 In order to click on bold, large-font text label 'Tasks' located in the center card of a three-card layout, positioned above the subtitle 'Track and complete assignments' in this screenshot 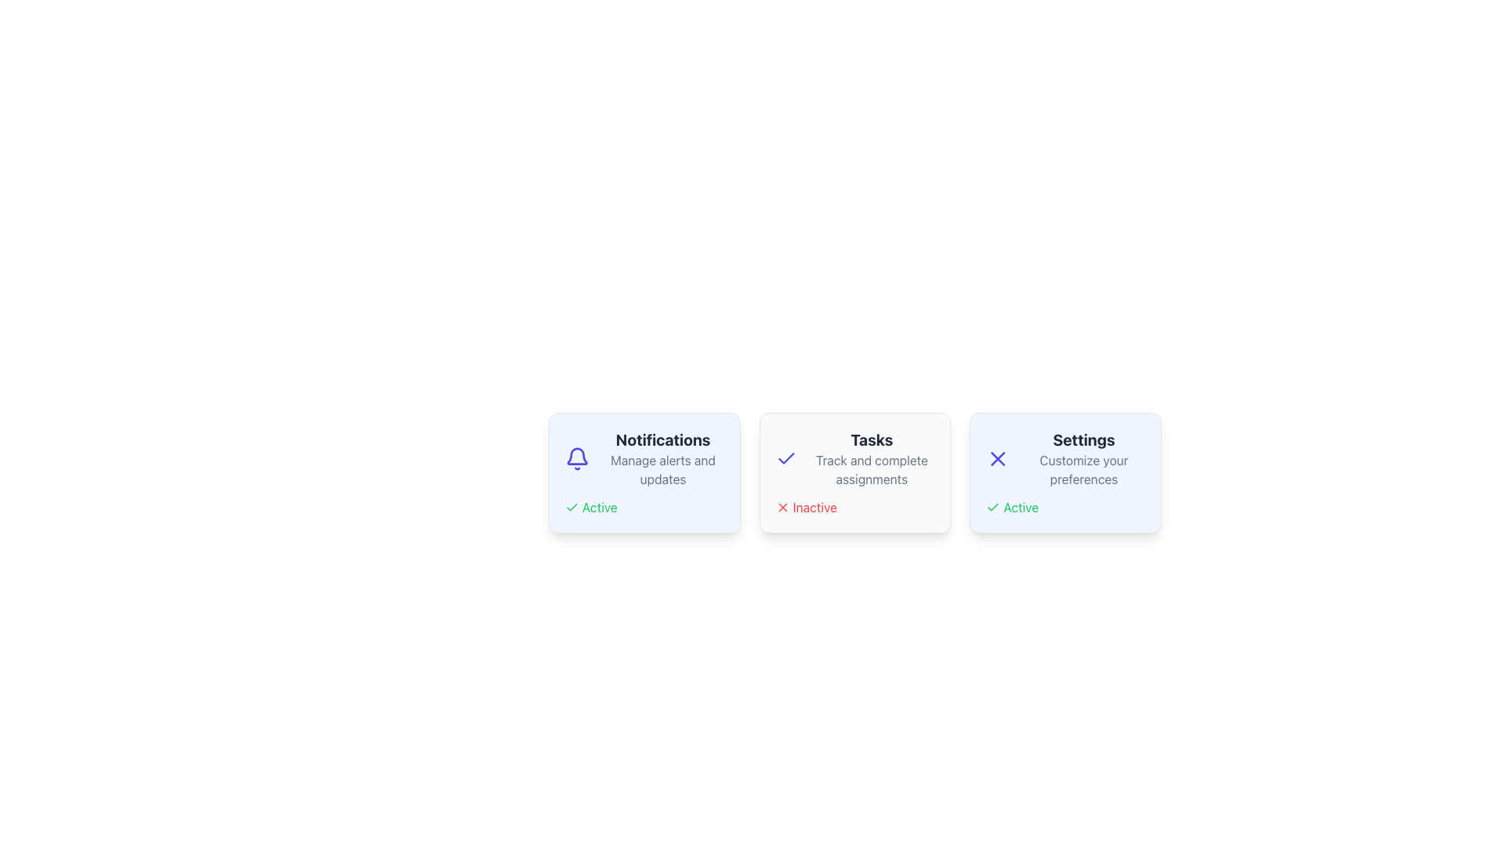, I will do `click(871, 440)`.